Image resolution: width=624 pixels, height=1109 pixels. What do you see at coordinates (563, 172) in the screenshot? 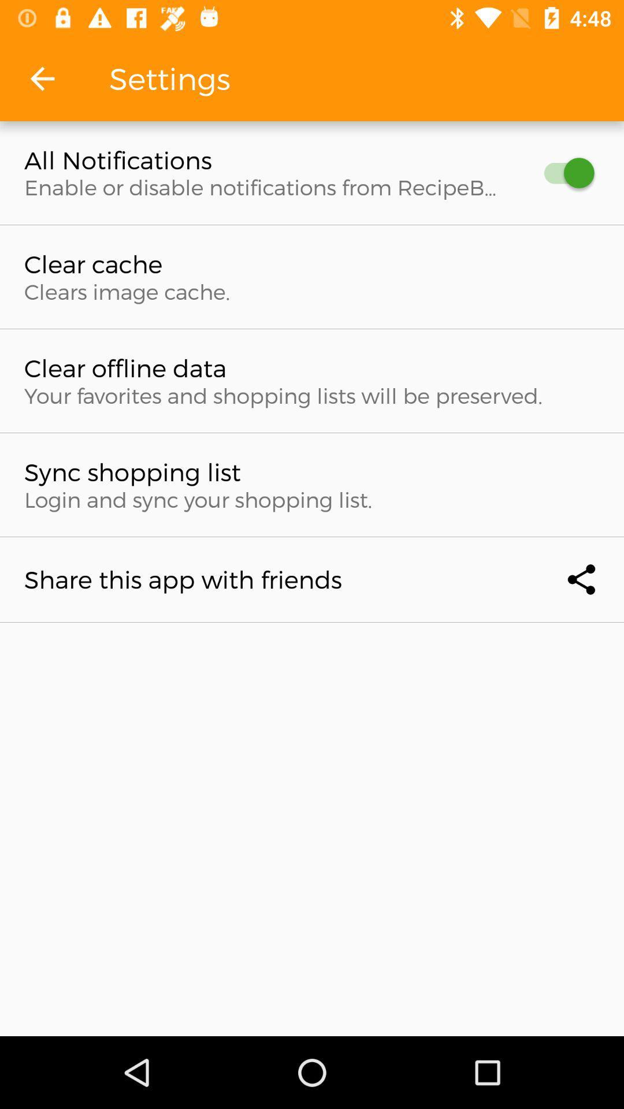
I see `notification activation` at bounding box center [563, 172].